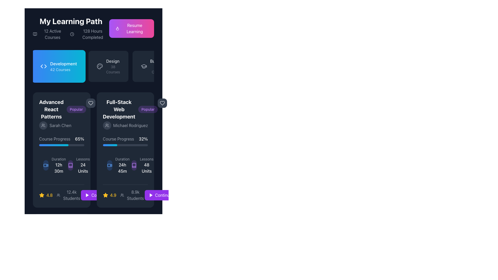 This screenshot has height=280, width=498. I want to click on the text and icon displaying '8.9k Students' located at the bottom of the 'Full-Stack Web Development' card, so click(133, 195).